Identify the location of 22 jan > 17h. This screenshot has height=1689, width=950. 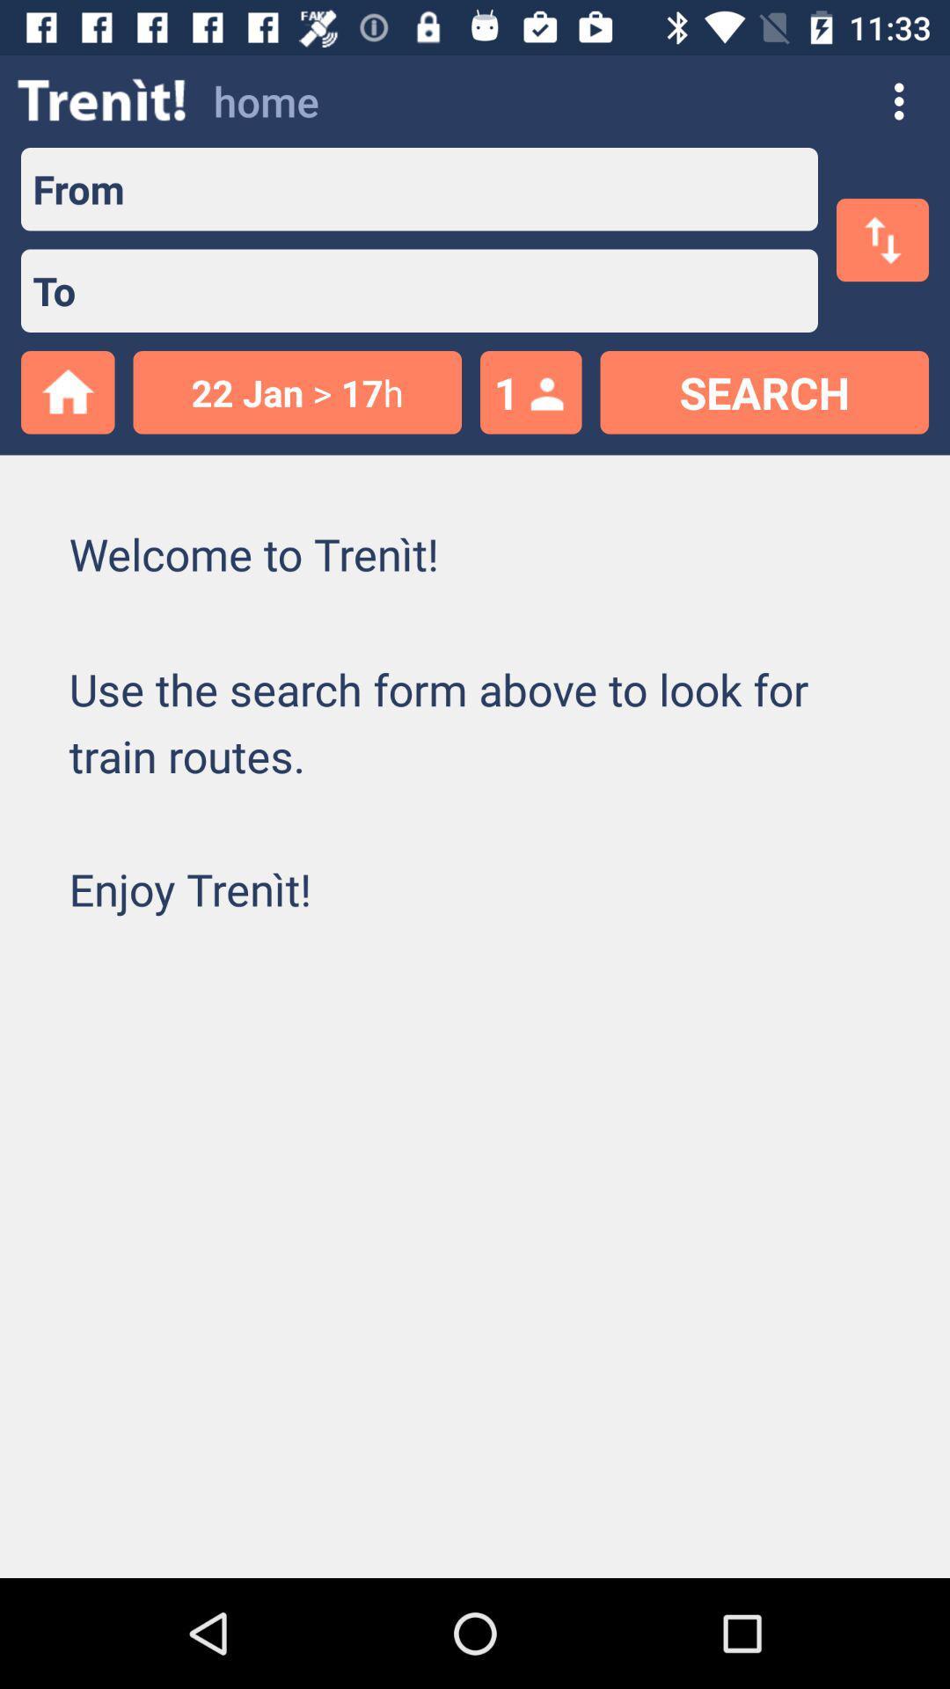
(296, 391).